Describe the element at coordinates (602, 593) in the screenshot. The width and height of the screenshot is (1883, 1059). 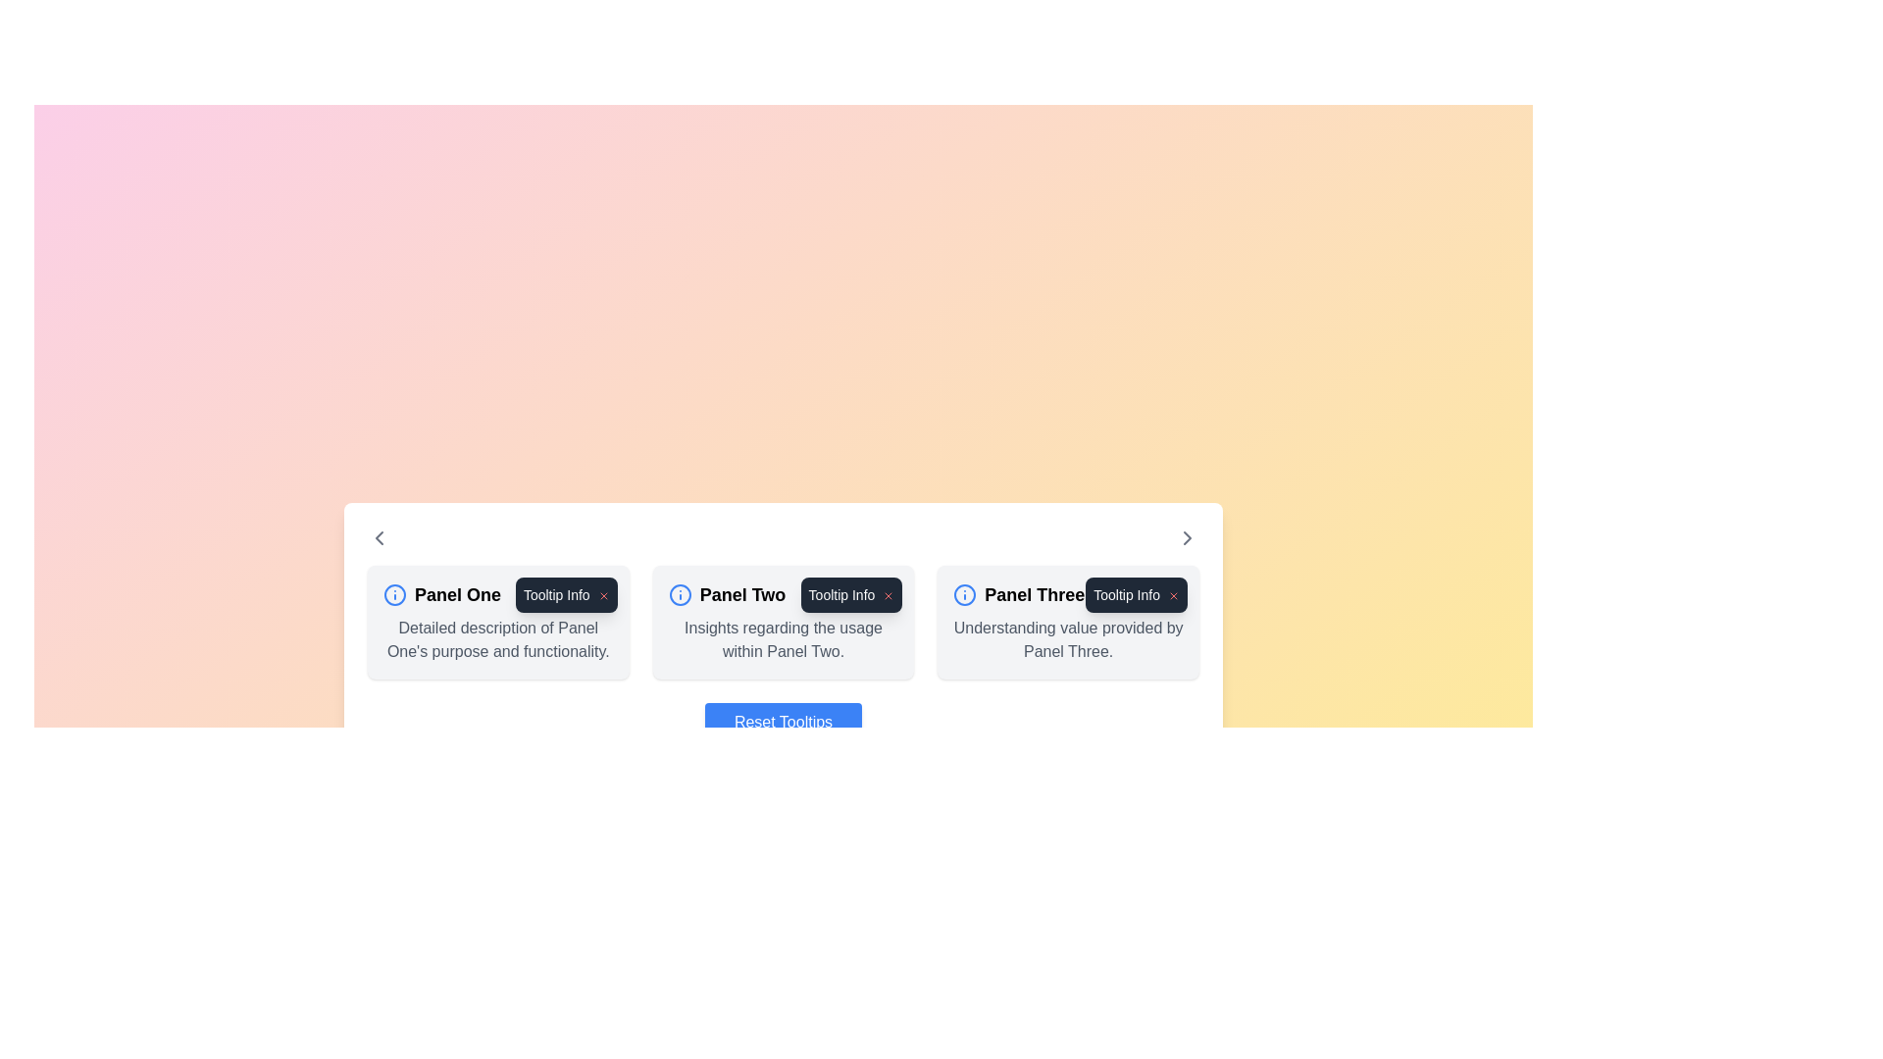
I see `the small red icon button resembling a close or cancel button located in the tooltip above 'Panel One' to change its color to yellow` at that location.